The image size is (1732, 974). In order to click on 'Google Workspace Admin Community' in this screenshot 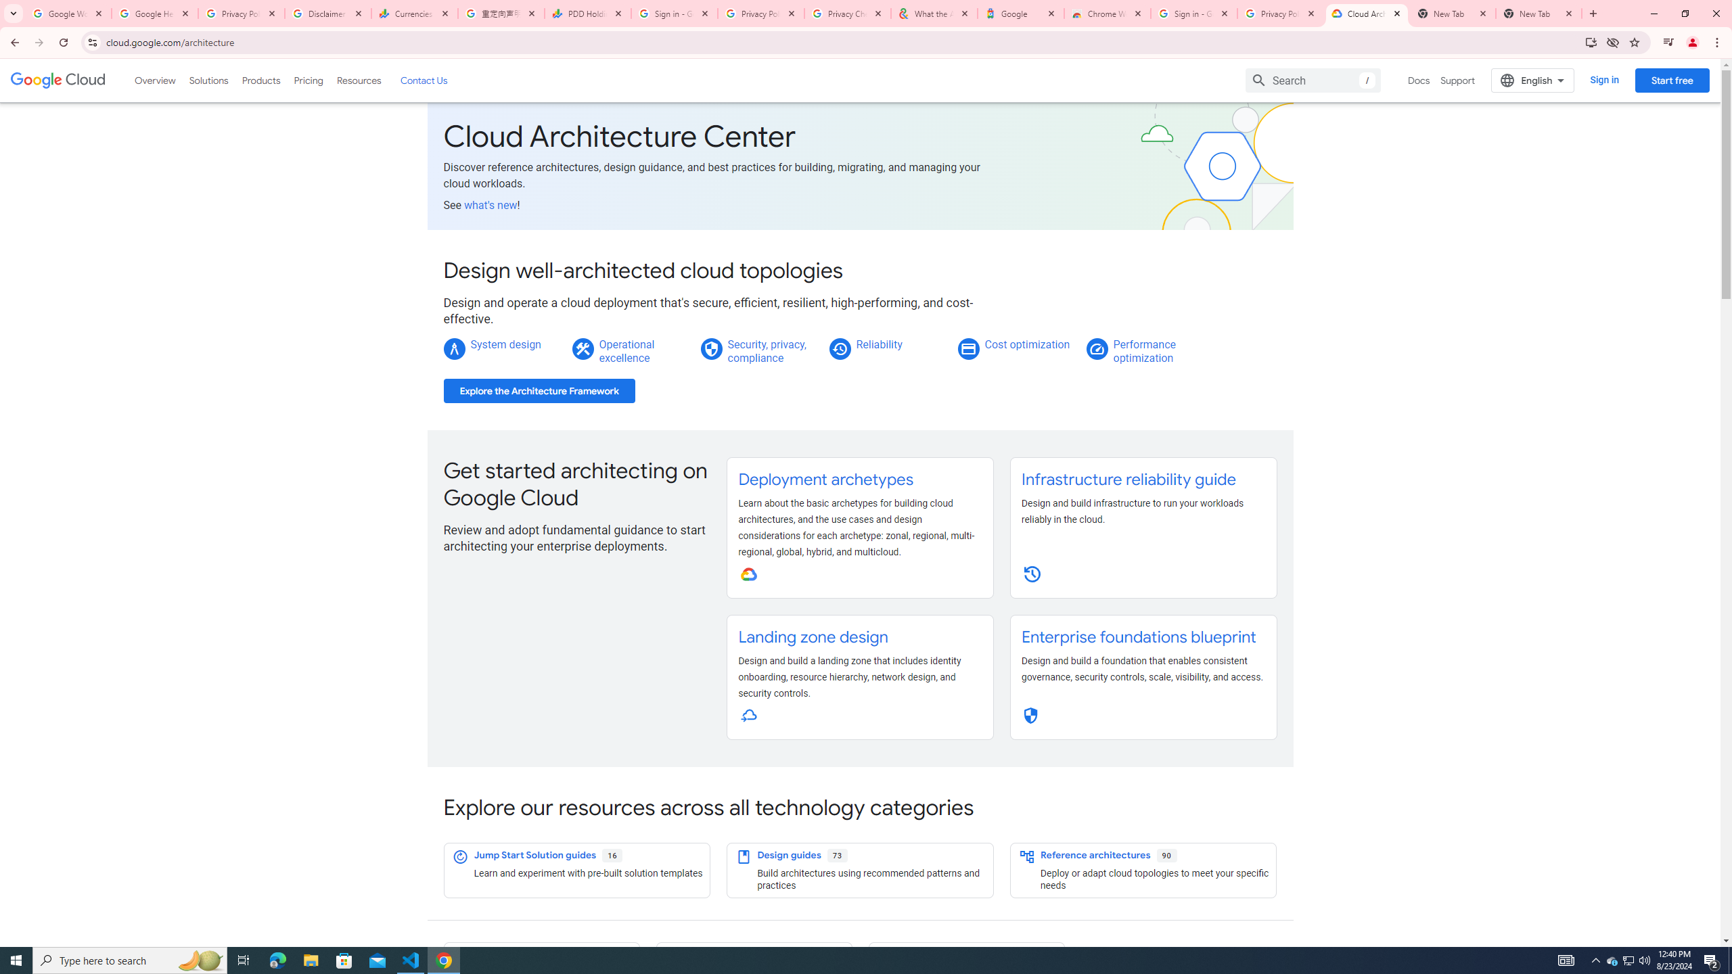, I will do `click(68, 13)`.